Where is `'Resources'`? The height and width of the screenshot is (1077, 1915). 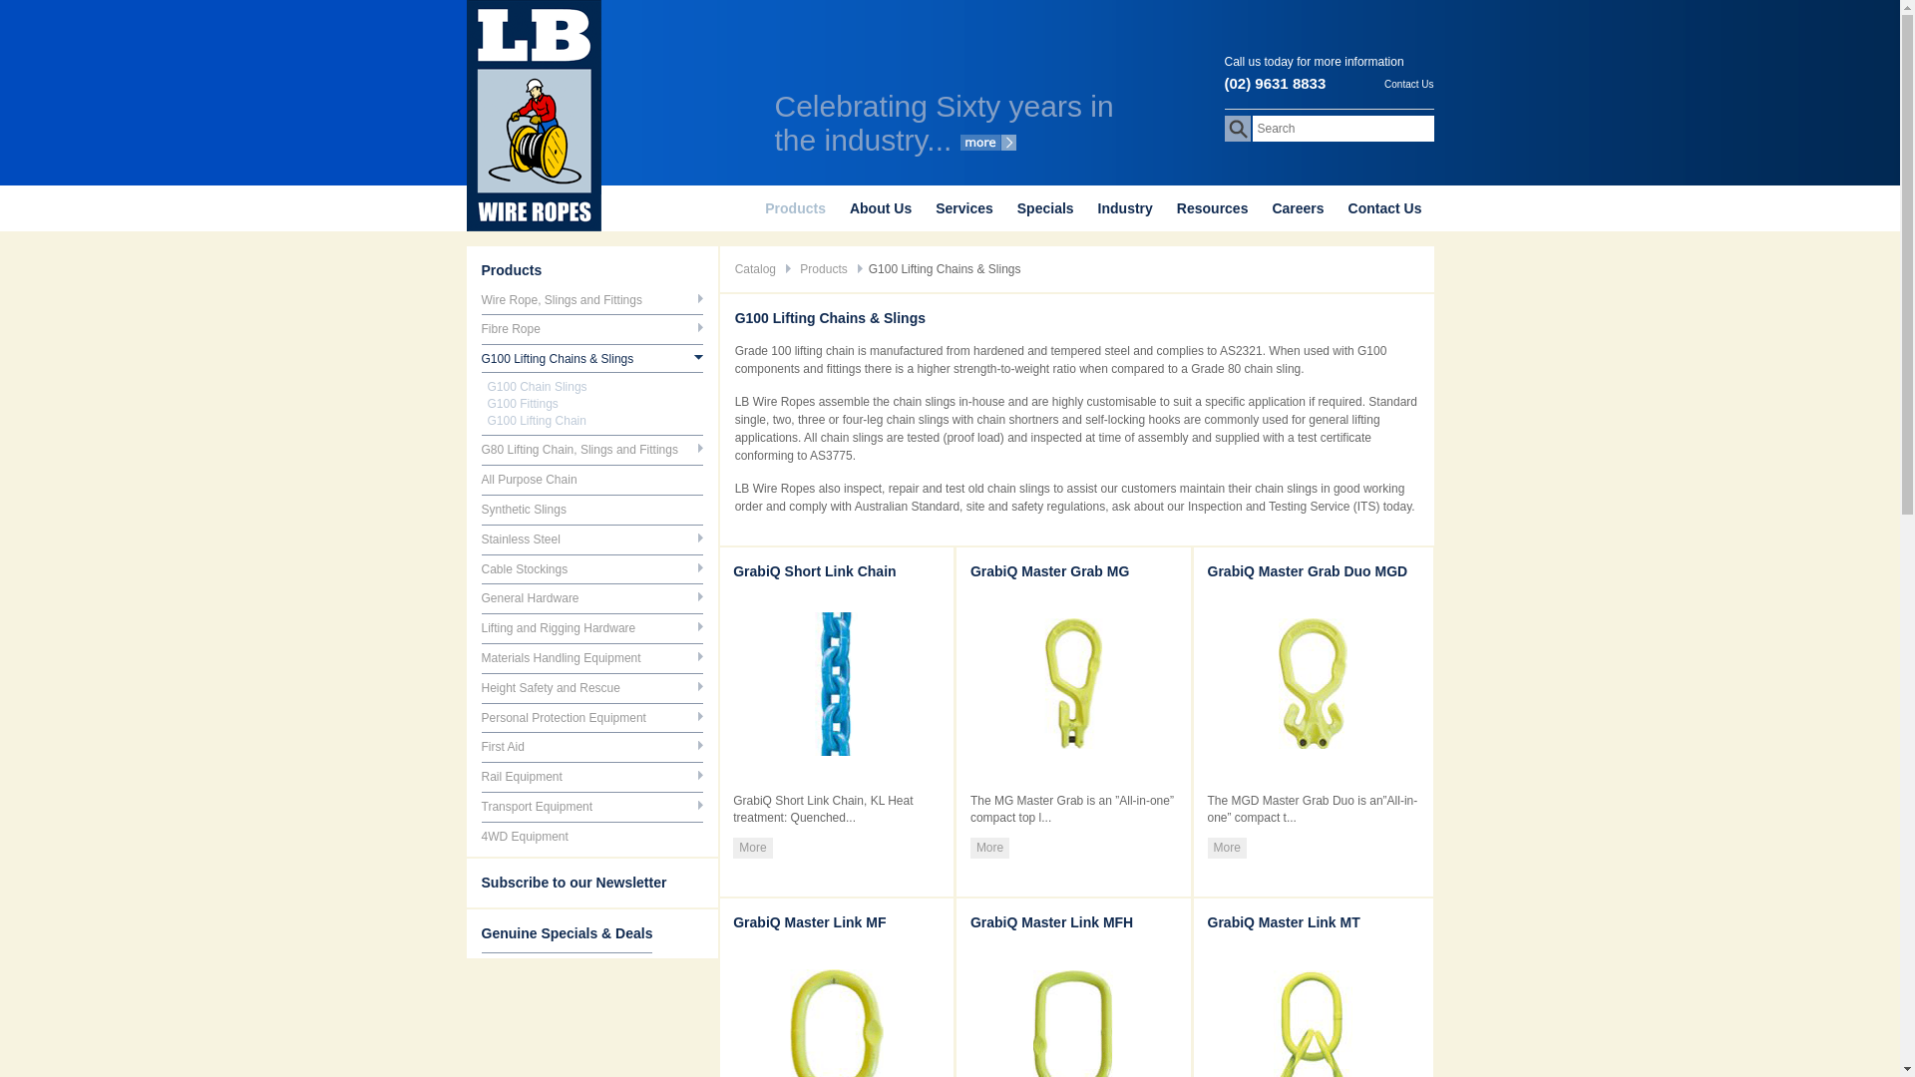
'Resources' is located at coordinates (1211, 207).